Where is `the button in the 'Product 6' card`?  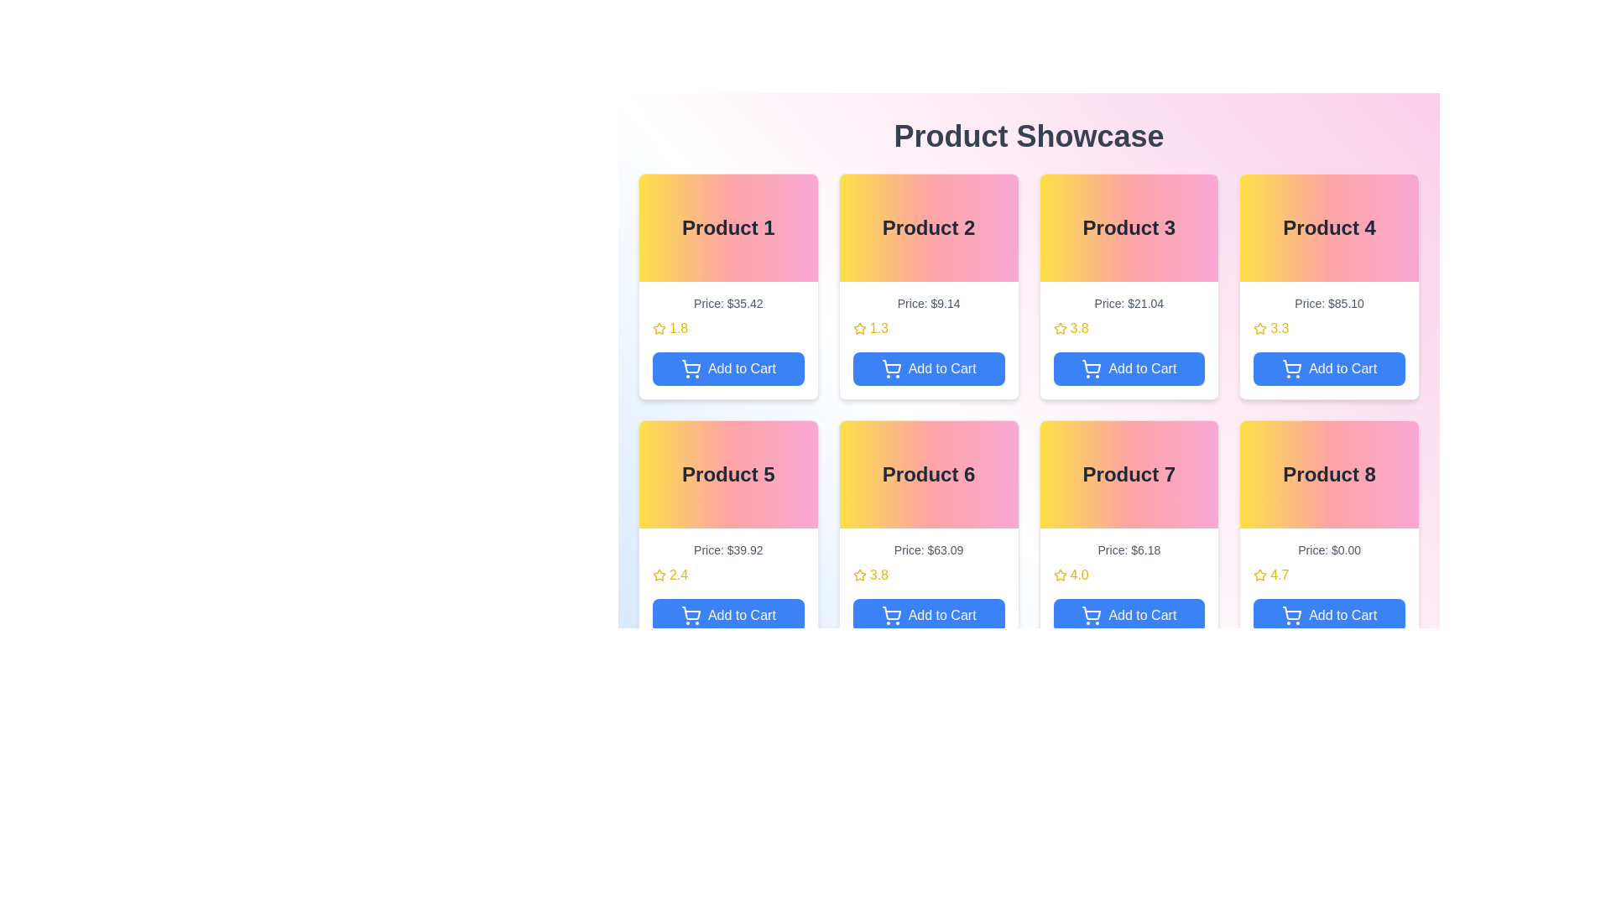
the button in the 'Product 6' card is located at coordinates (928, 586).